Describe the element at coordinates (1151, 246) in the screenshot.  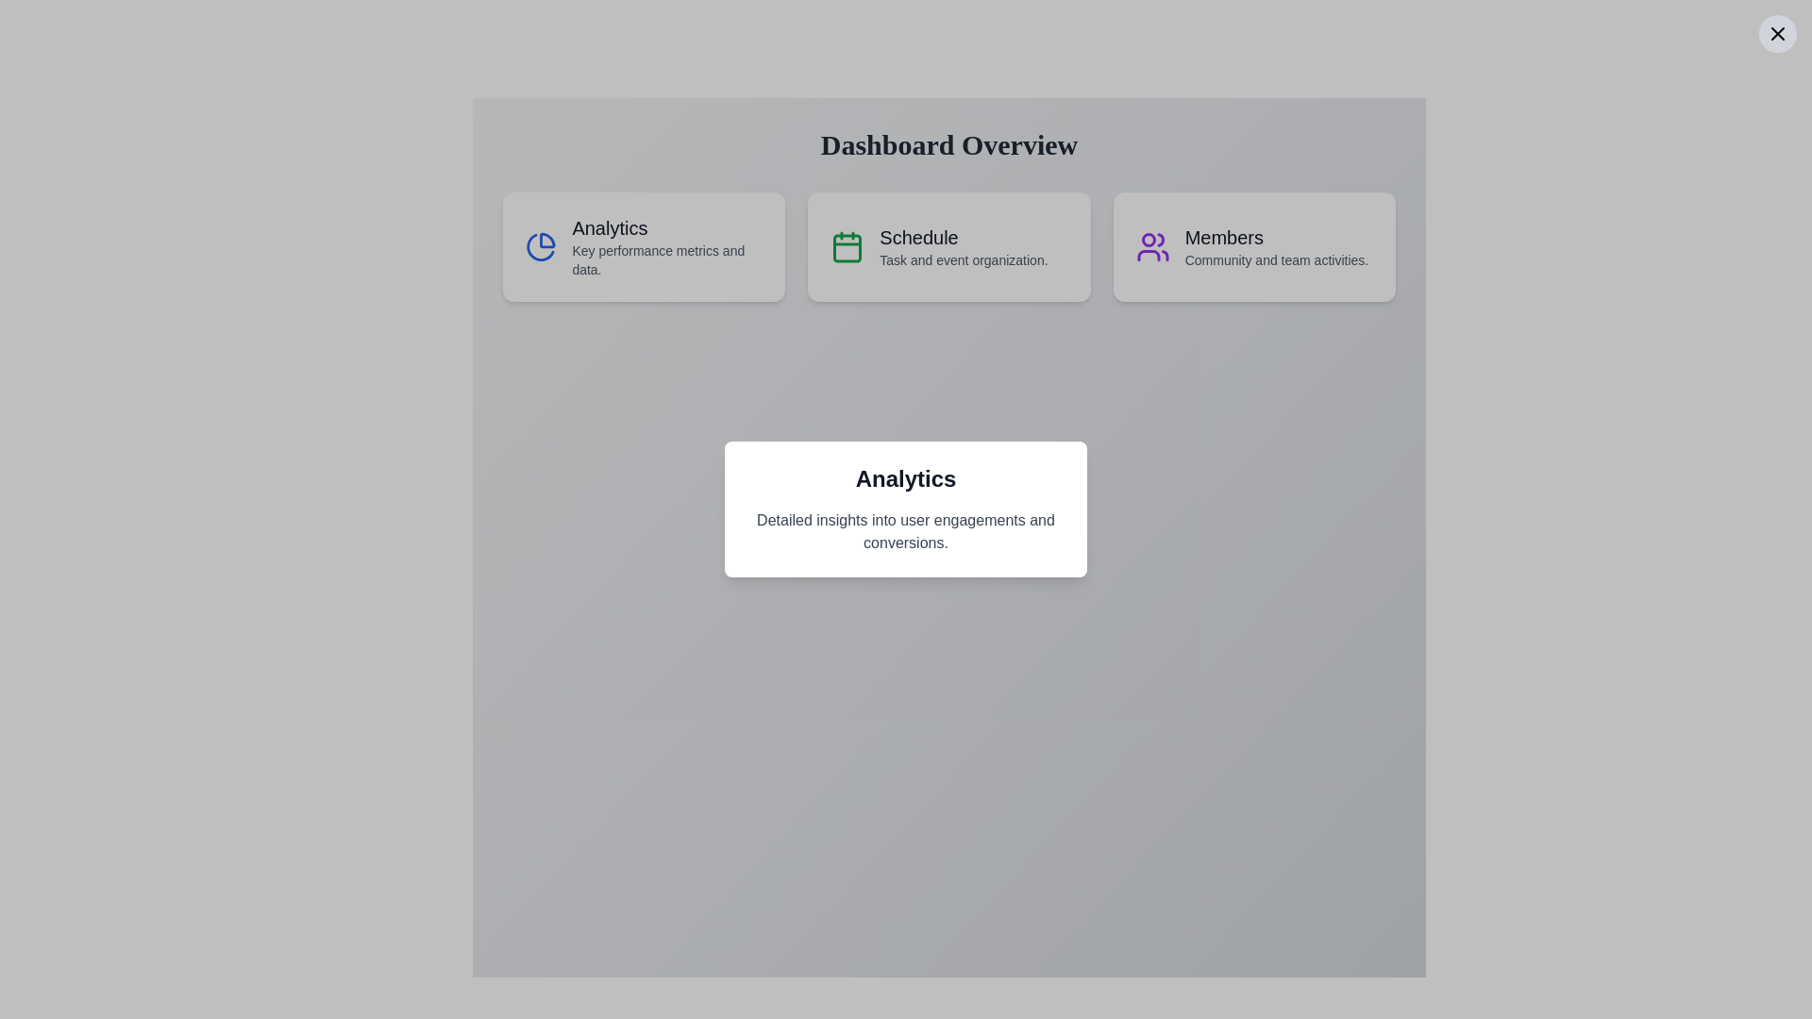
I see `the 'Members' Icon located in the top-right card of the dashboard overview, which signifies community-related activities` at that location.